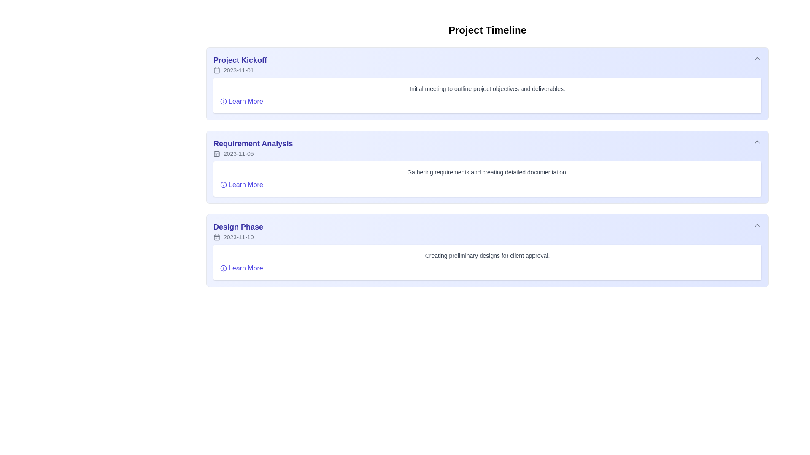 The image size is (810, 455). I want to click on the 'Learn More' text link styled in blue, which is adjacent to a circular info icon, so click(241, 185).